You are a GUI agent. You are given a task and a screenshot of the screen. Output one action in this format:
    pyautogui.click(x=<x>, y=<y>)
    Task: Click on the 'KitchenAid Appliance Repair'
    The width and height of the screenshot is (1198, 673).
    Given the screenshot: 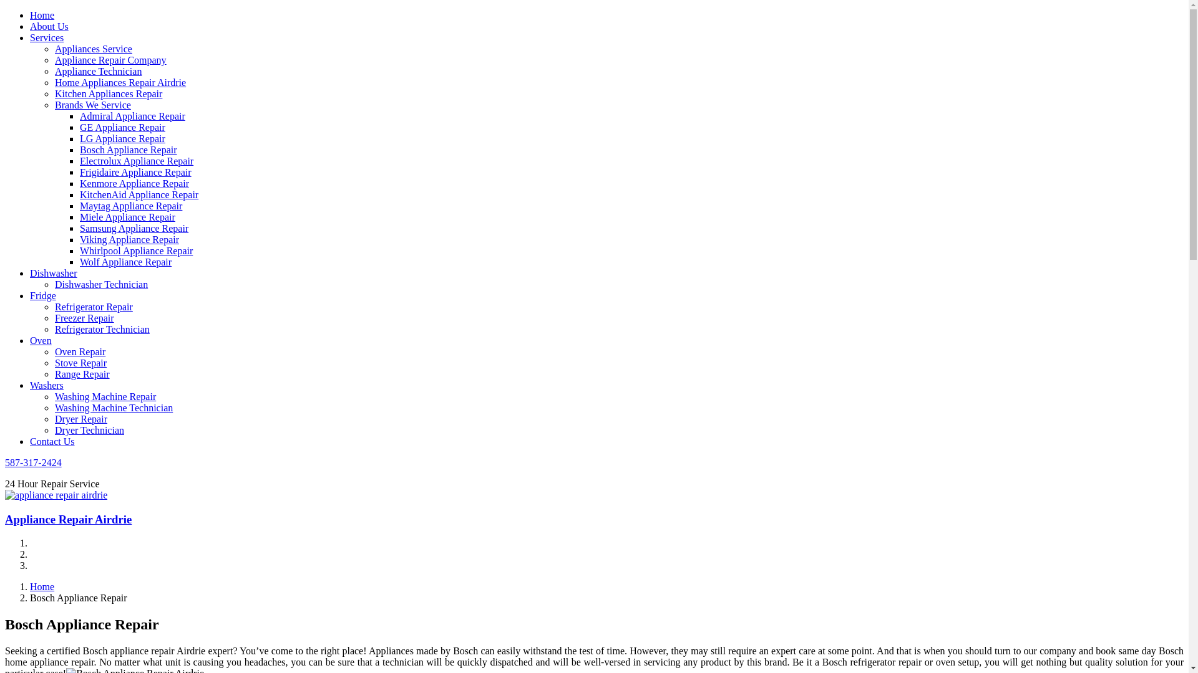 What is the action you would take?
    pyautogui.click(x=79, y=194)
    